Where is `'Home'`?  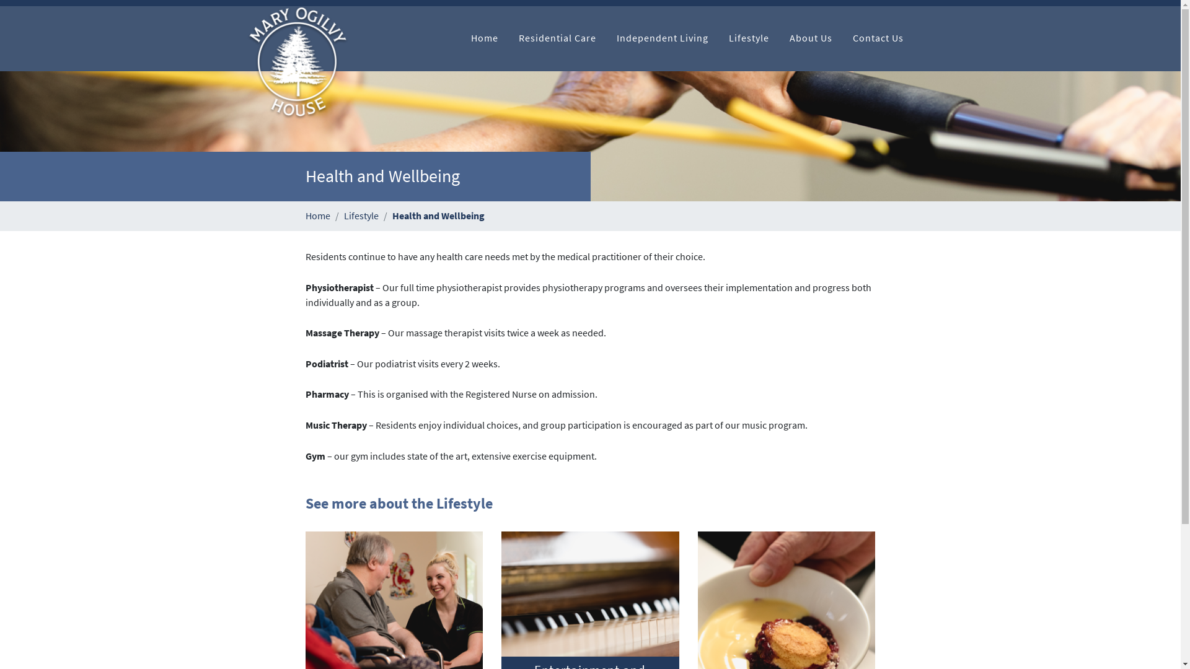 'Home' is located at coordinates (483, 37).